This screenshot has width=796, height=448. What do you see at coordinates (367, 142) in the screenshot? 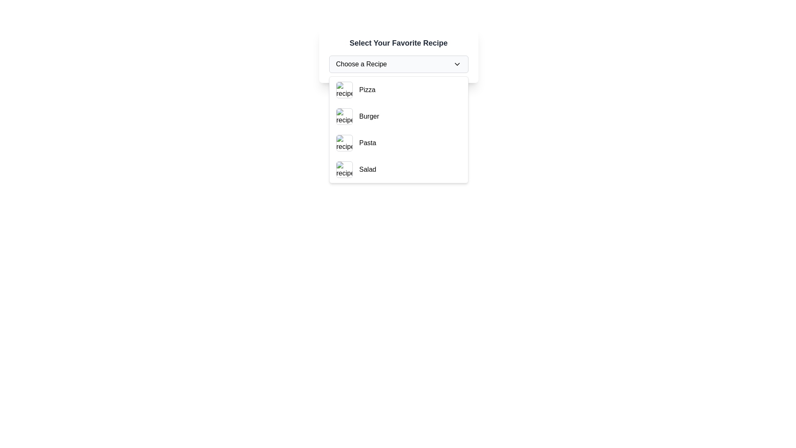
I see `the 'Pasta' label in the dropdown menu` at bounding box center [367, 142].